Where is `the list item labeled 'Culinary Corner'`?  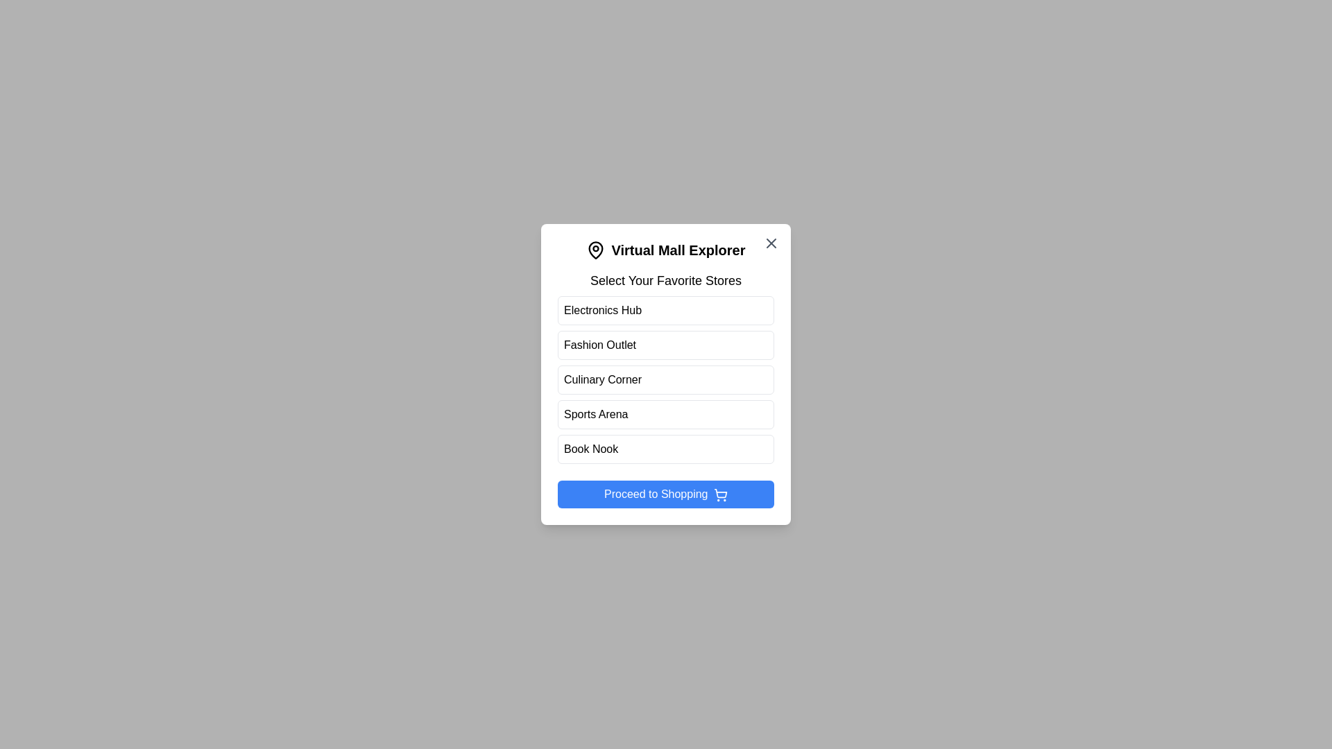 the list item labeled 'Culinary Corner' is located at coordinates (666, 374).